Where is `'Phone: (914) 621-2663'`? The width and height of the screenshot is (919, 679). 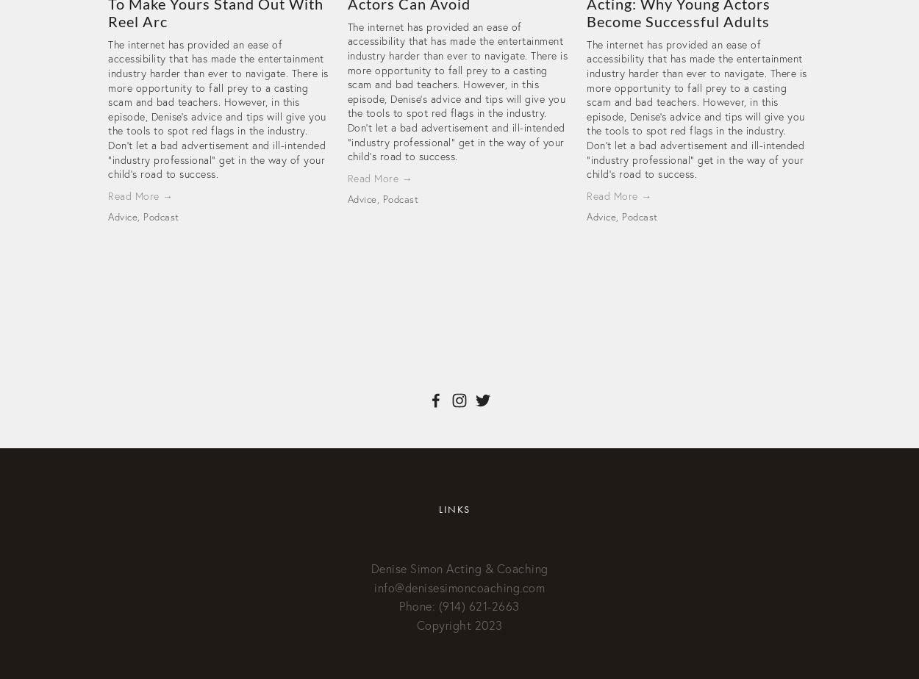 'Phone: (914) 621-2663' is located at coordinates (458, 606).